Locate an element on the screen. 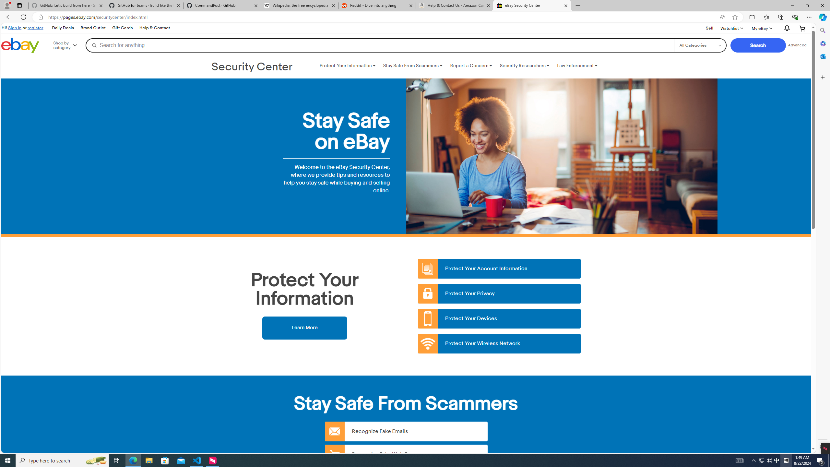 The image size is (830, 467). 'Select a category for search' is located at coordinates (700, 45).